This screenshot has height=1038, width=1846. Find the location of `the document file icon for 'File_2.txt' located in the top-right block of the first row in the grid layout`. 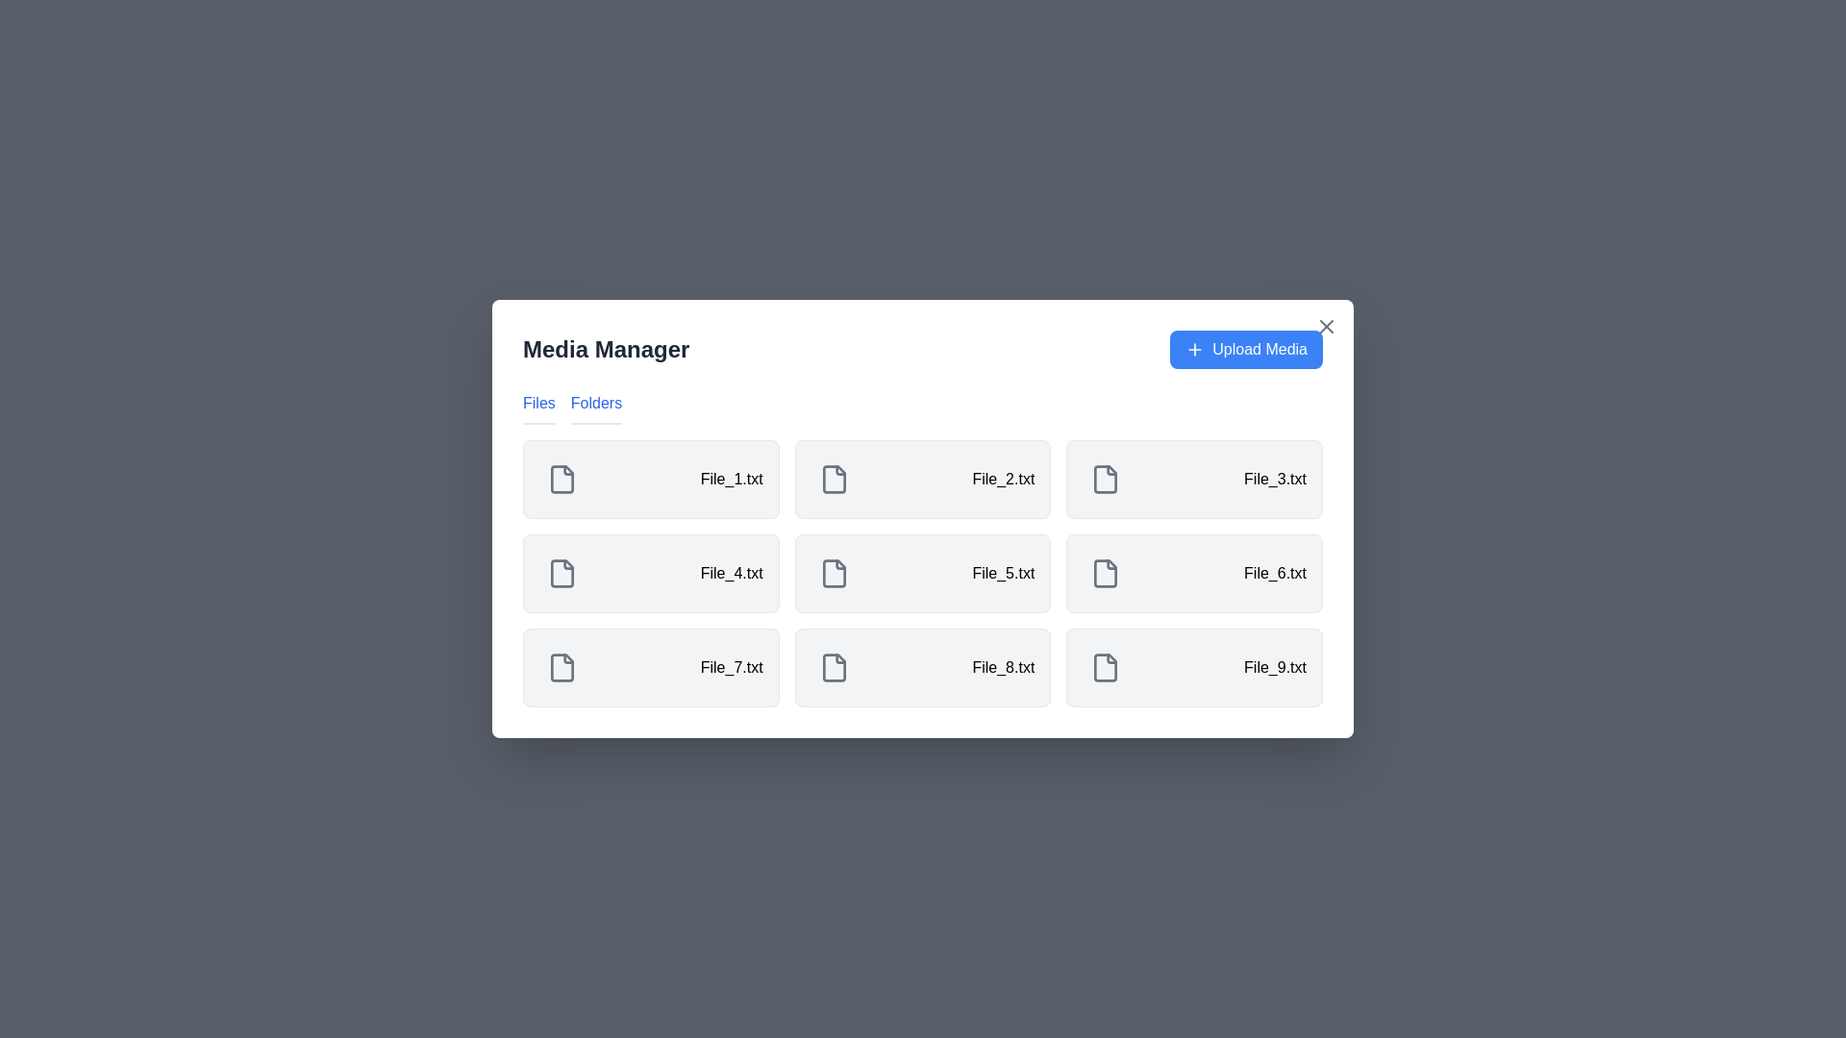

the document file icon for 'File_2.txt' located in the top-right block of the first row in the grid layout is located at coordinates (834, 478).